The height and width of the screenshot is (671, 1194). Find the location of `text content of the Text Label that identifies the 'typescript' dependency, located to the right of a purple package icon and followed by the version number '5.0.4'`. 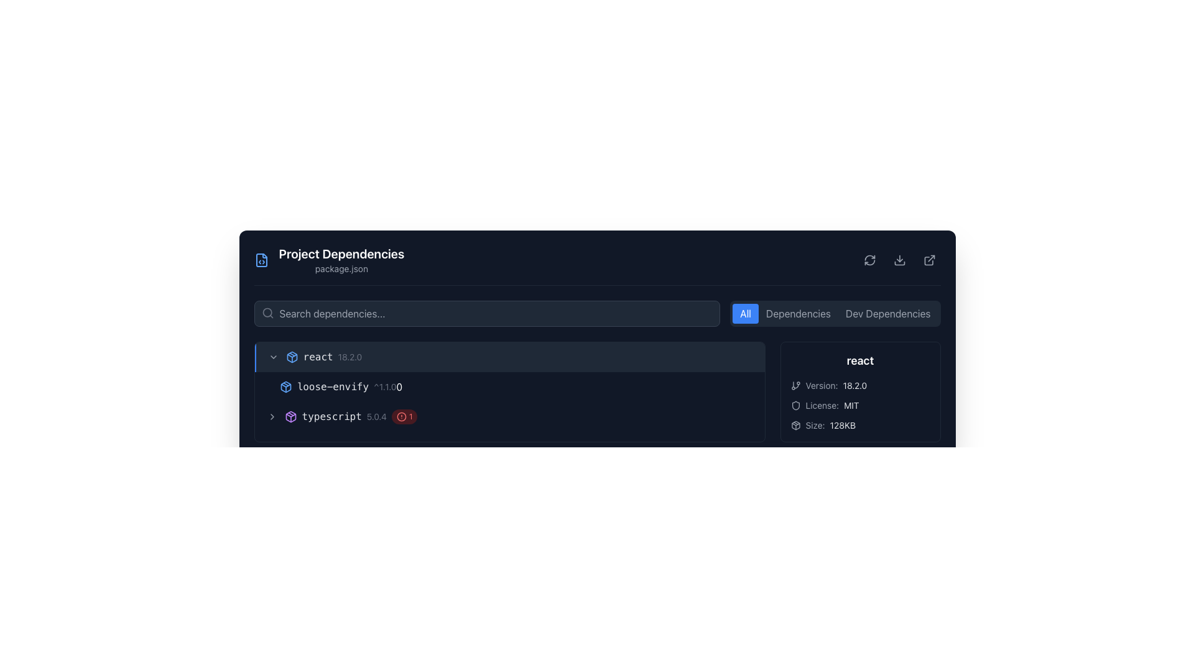

text content of the Text Label that identifies the 'typescript' dependency, located to the right of a purple package icon and followed by the version number '5.0.4' is located at coordinates (331, 417).